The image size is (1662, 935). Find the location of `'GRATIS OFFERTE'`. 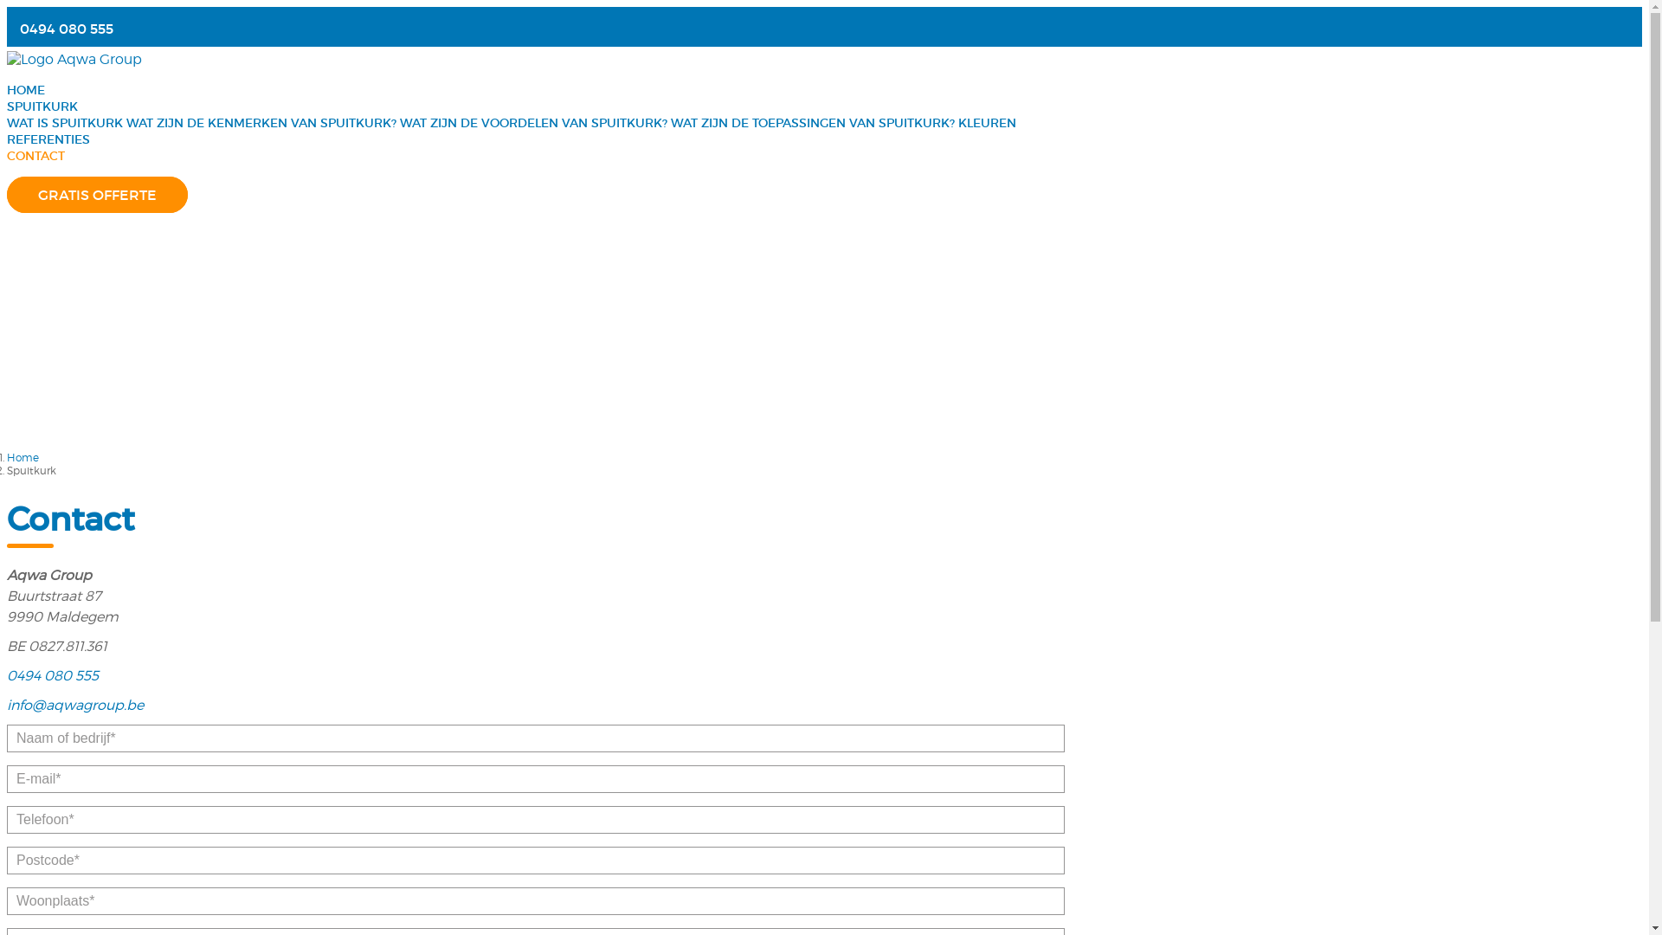

'GRATIS OFFERTE' is located at coordinates (96, 194).